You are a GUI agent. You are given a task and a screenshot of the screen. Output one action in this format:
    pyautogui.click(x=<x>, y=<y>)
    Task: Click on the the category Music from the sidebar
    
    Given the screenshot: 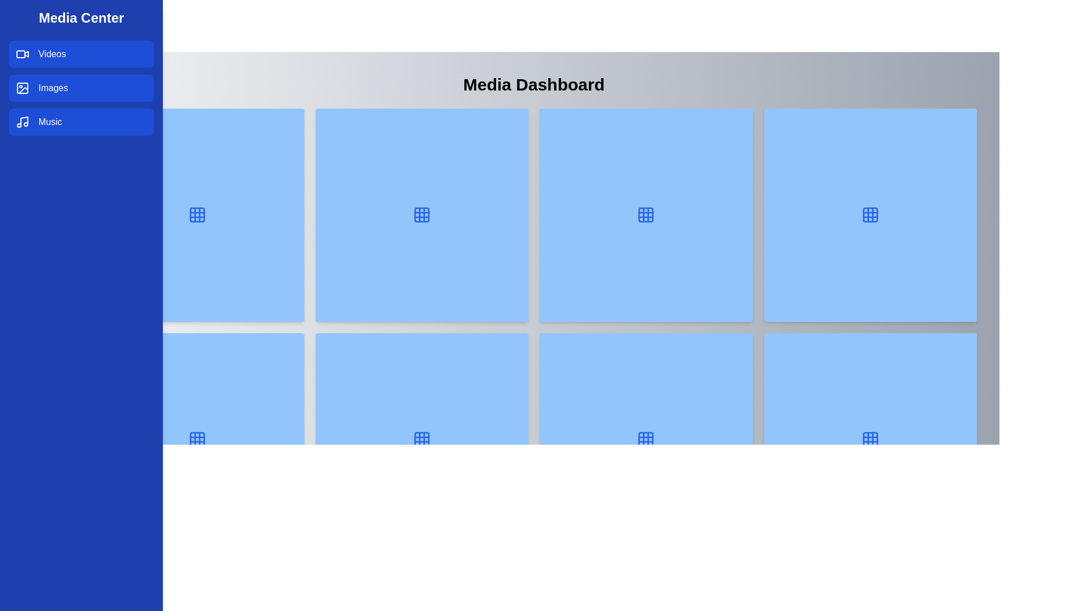 What is the action you would take?
    pyautogui.click(x=81, y=122)
    